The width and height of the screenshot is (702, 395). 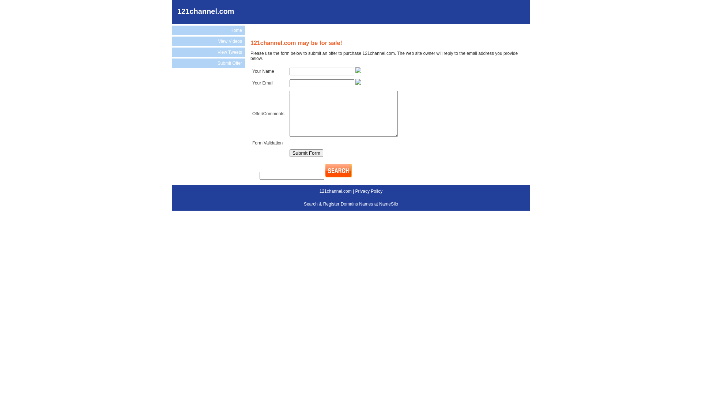 What do you see at coordinates (208, 63) in the screenshot?
I see `'Submit Offer'` at bounding box center [208, 63].